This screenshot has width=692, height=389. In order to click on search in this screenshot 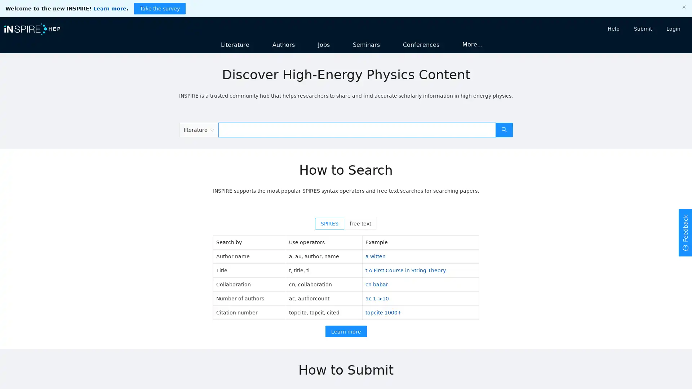, I will do `click(504, 129)`.